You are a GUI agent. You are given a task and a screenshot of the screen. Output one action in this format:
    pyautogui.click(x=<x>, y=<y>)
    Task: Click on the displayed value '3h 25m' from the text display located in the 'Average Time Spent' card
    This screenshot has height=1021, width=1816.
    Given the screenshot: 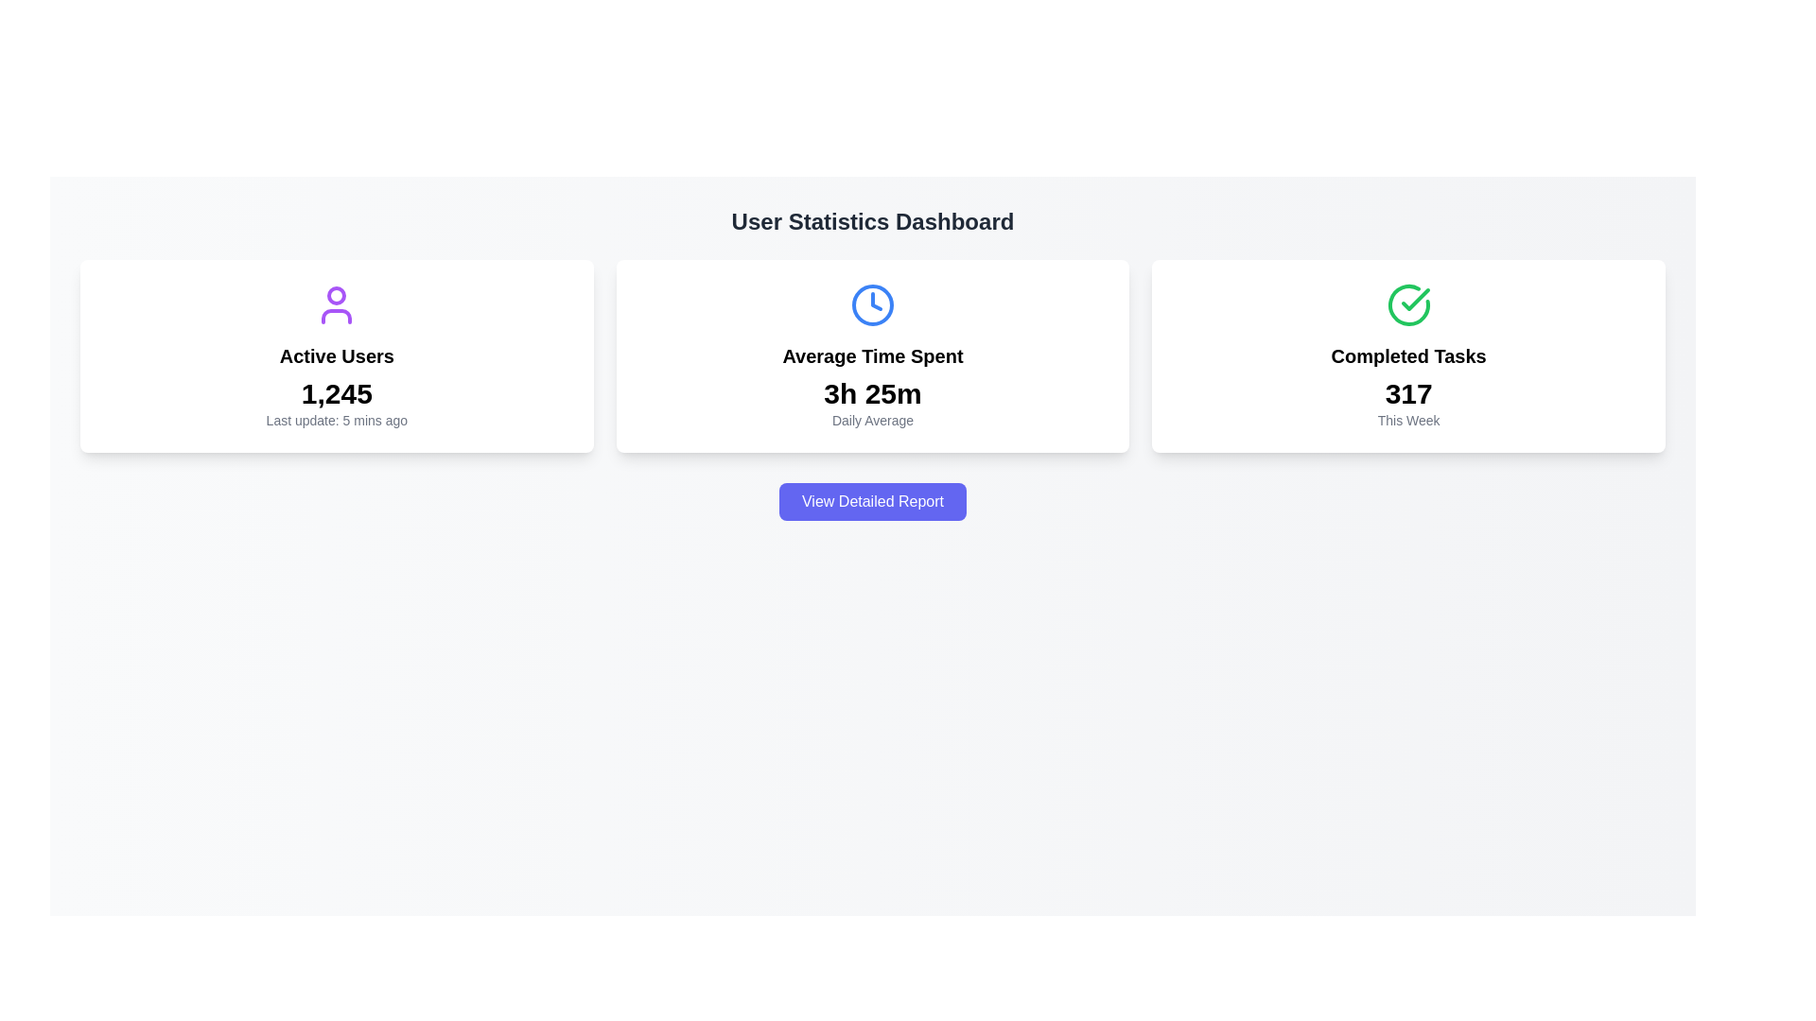 What is the action you would take?
    pyautogui.click(x=871, y=392)
    